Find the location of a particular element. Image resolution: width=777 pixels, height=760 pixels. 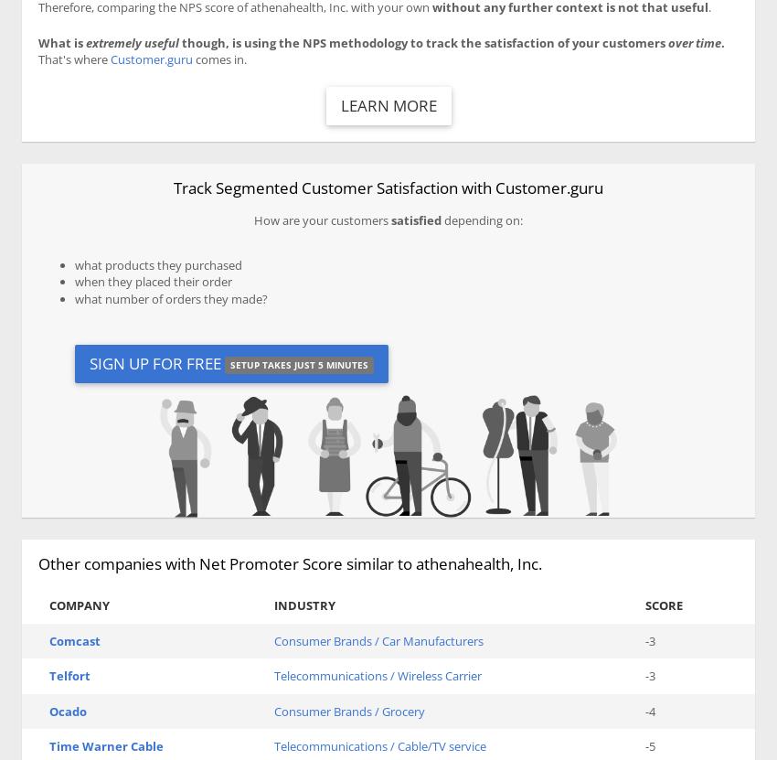

'Comcast' is located at coordinates (75, 639).